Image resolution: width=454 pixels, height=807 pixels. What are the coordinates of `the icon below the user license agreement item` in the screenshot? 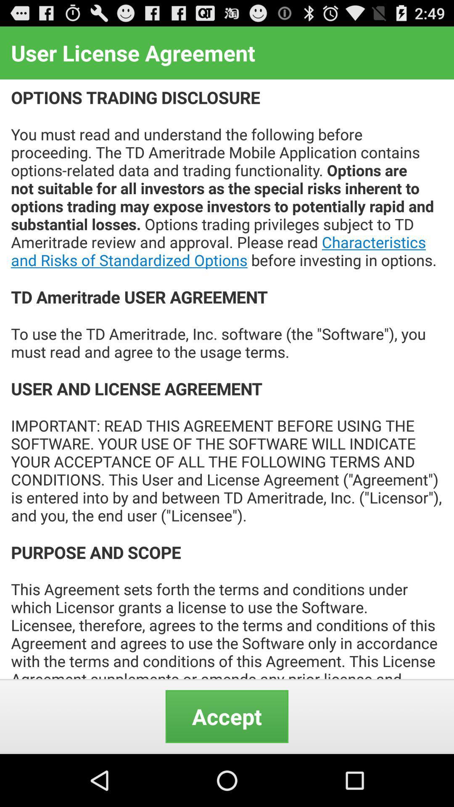 It's located at (227, 379).